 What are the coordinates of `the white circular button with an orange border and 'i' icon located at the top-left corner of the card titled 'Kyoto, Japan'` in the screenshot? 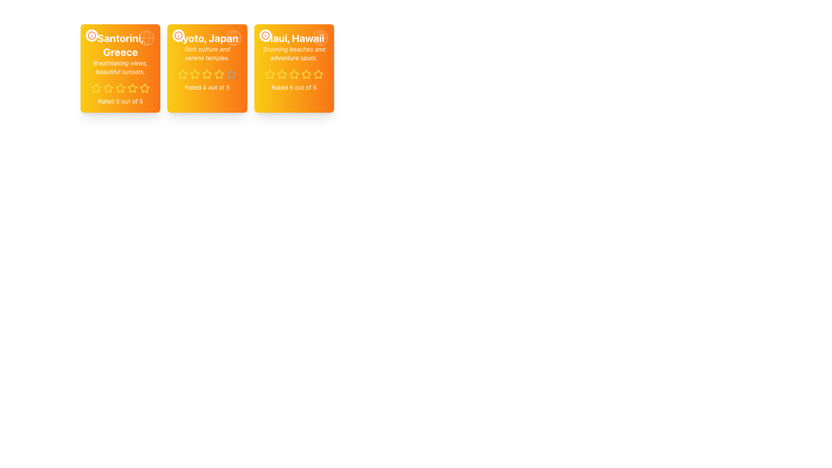 It's located at (178, 35).